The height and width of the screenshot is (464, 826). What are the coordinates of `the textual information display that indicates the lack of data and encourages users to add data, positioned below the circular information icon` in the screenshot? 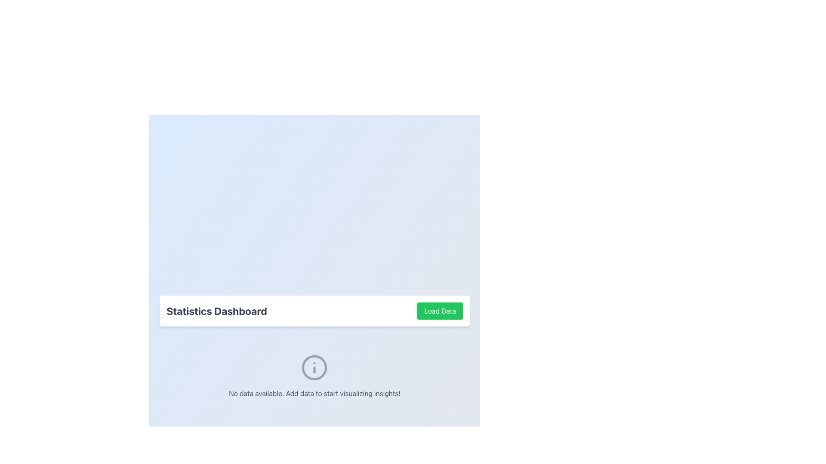 It's located at (314, 393).